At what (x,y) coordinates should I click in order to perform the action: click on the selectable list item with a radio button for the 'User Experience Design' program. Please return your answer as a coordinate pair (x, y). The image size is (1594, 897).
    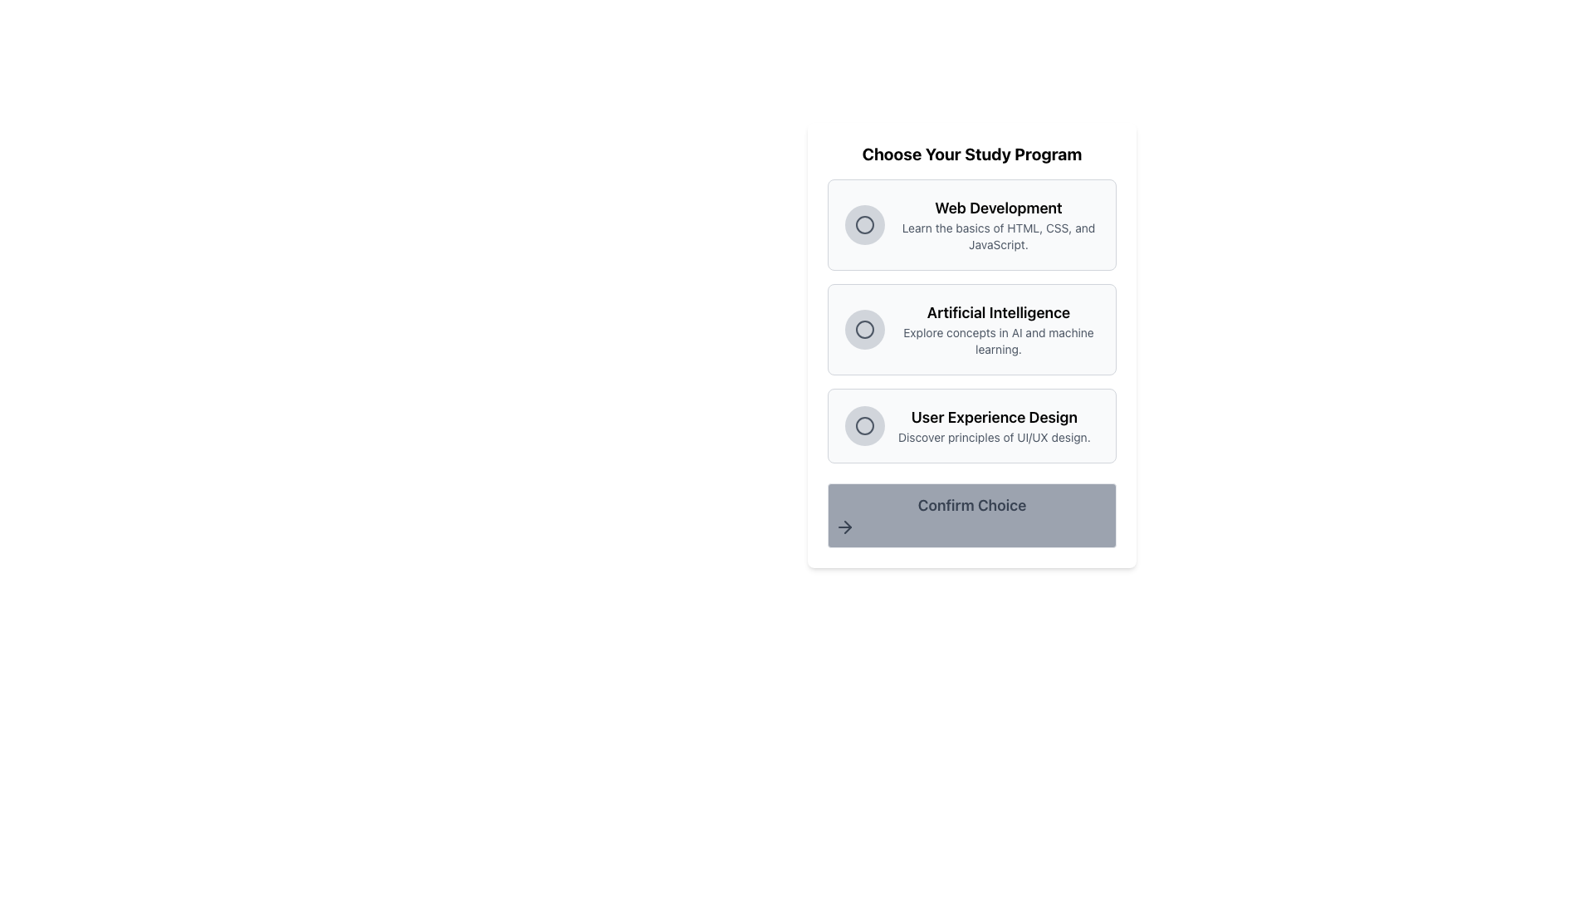
    Looking at the image, I should click on (972, 425).